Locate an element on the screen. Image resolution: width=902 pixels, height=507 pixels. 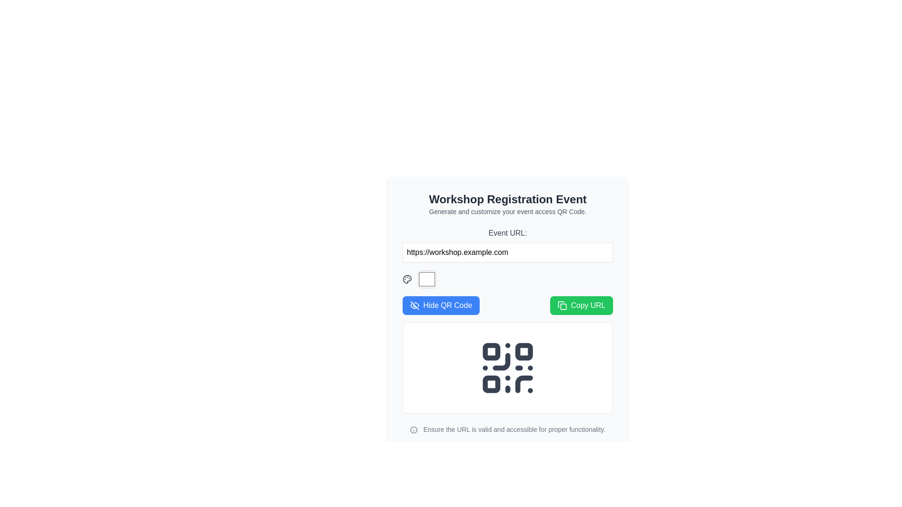
the color selection icon located in the top-left portion of the color input group, which serves as a visual marker for palette-related functions is located at coordinates (407, 278).